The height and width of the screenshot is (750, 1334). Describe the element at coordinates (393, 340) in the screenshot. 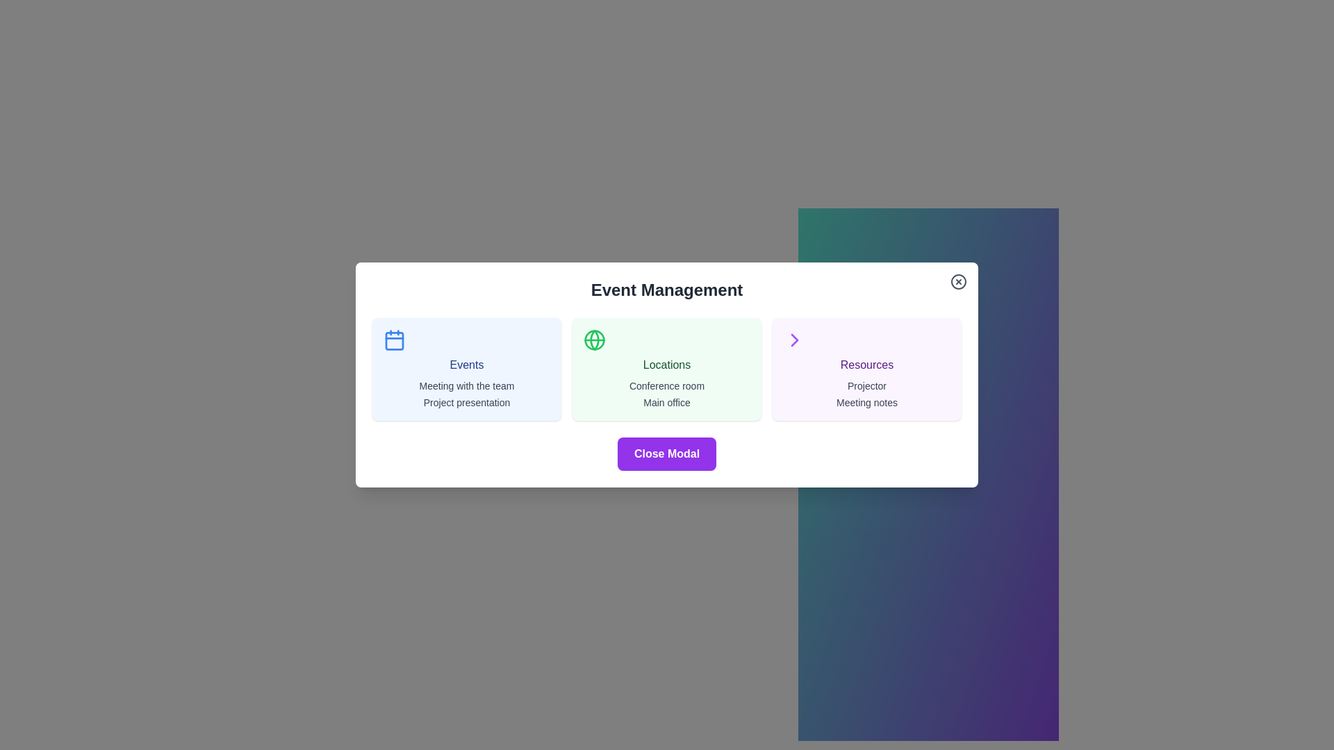

I see `the decorative icon representing the 'Events' section located at the top-left corner of the 'Event Management' modal dialog` at that location.